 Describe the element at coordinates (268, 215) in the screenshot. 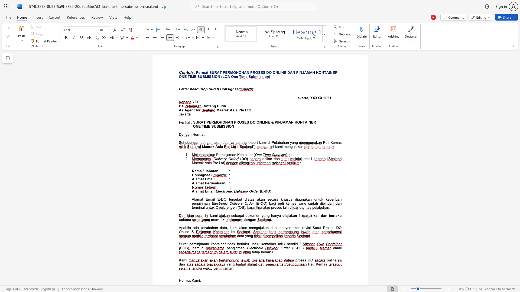

I see `the space between the continuous character "n" and "g" in the text` at that location.